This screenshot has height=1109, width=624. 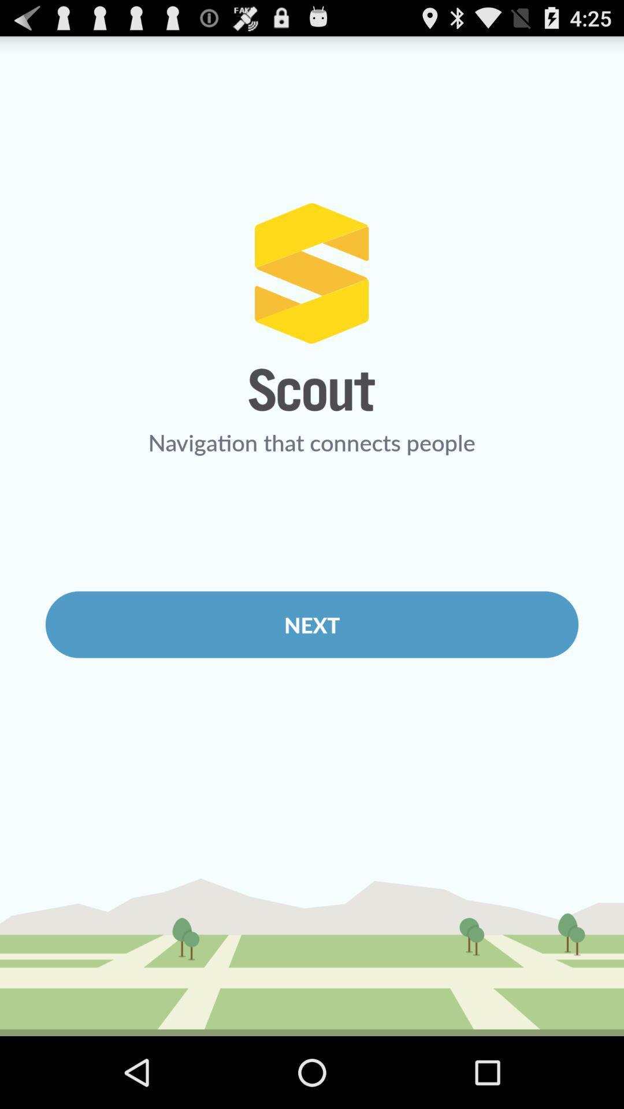 I want to click on next item, so click(x=312, y=624).